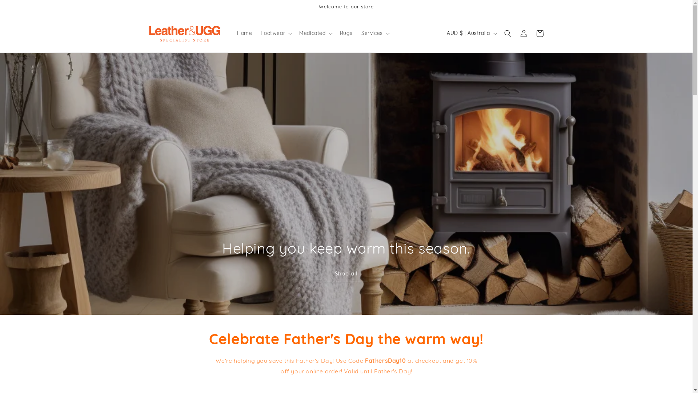  Describe the element at coordinates (539, 33) in the screenshot. I see `'Cart'` at that location.